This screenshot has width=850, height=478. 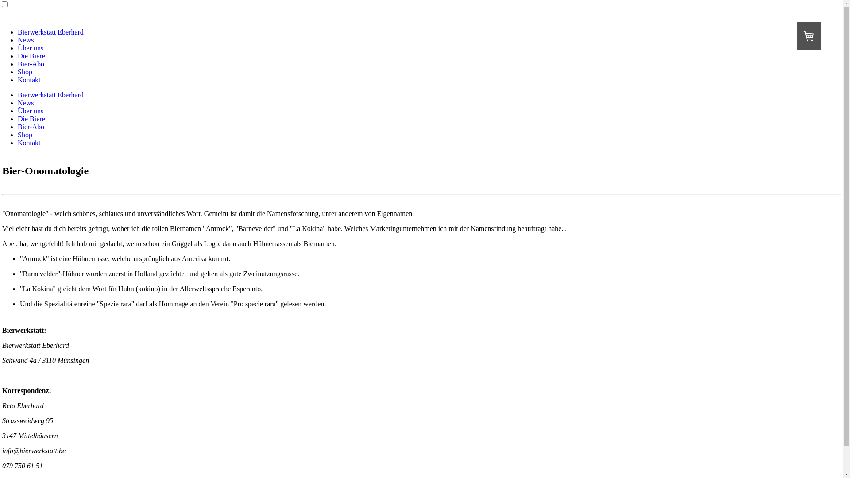 I want to click on 'Die Biere', so click(x=17, y=118).